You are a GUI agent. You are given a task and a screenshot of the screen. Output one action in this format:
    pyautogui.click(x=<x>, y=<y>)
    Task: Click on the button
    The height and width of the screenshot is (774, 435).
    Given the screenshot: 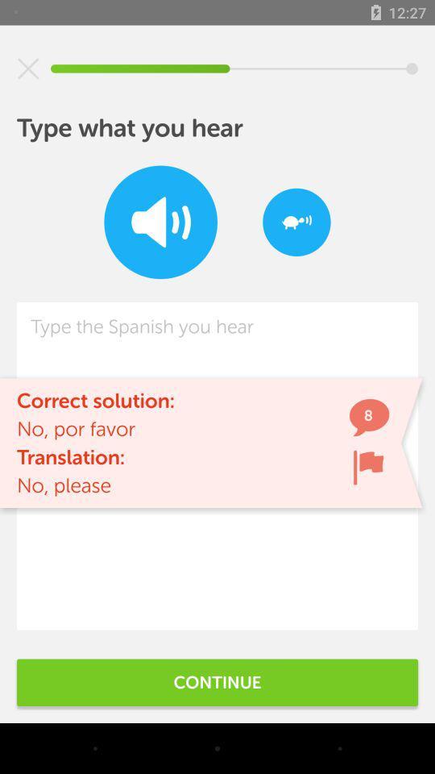 What is the action you would take?
    pyautogui.click(x=28, y=69)
    